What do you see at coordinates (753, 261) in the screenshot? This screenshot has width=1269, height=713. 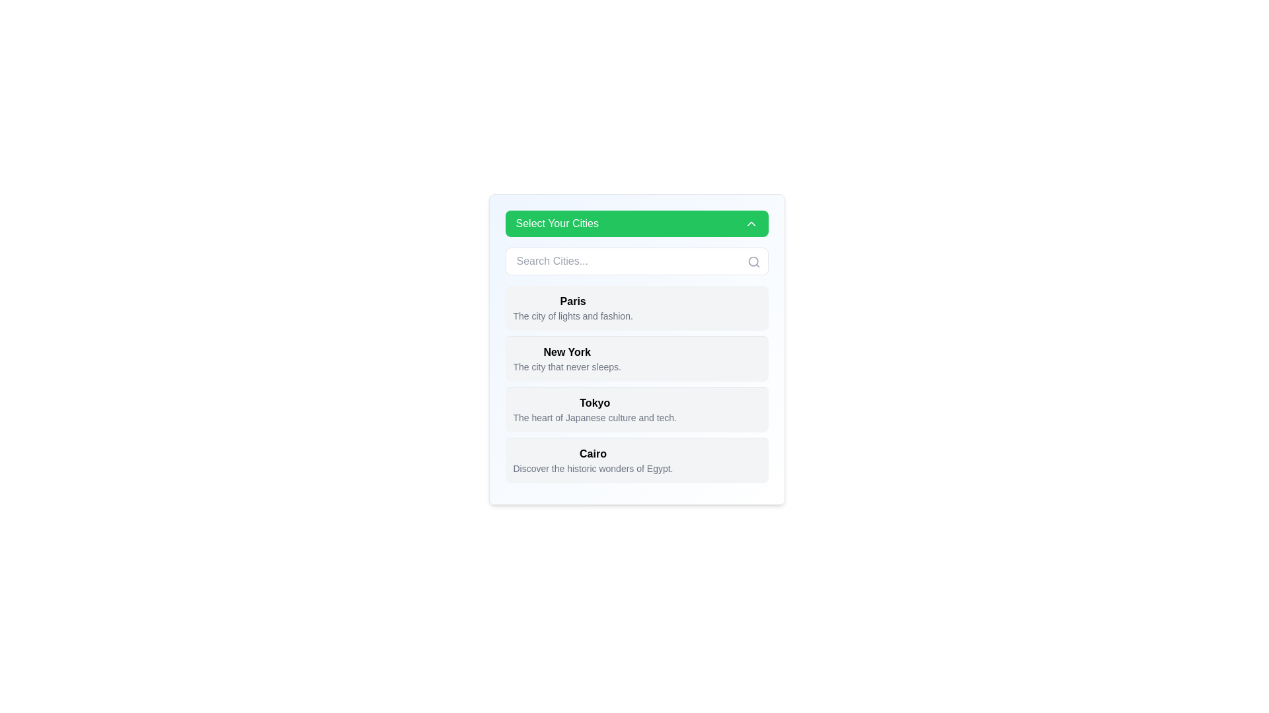 I see `the circular component of the magnifying glass icon located in the top-right corner of the search bar` at bounding box center [753, 261].